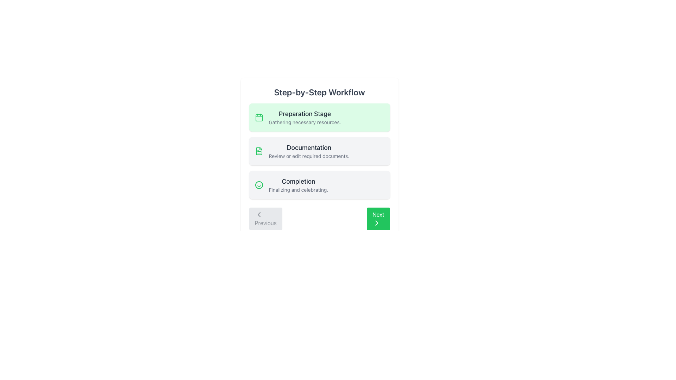 The image size is (676, 380). What do you see at coordinates (376, 223) in the screenshot?
I see `over the chevron icon SVG element located within the 'Next' button in the bottom-right corner of the interface` at bounding box center [376, 223].